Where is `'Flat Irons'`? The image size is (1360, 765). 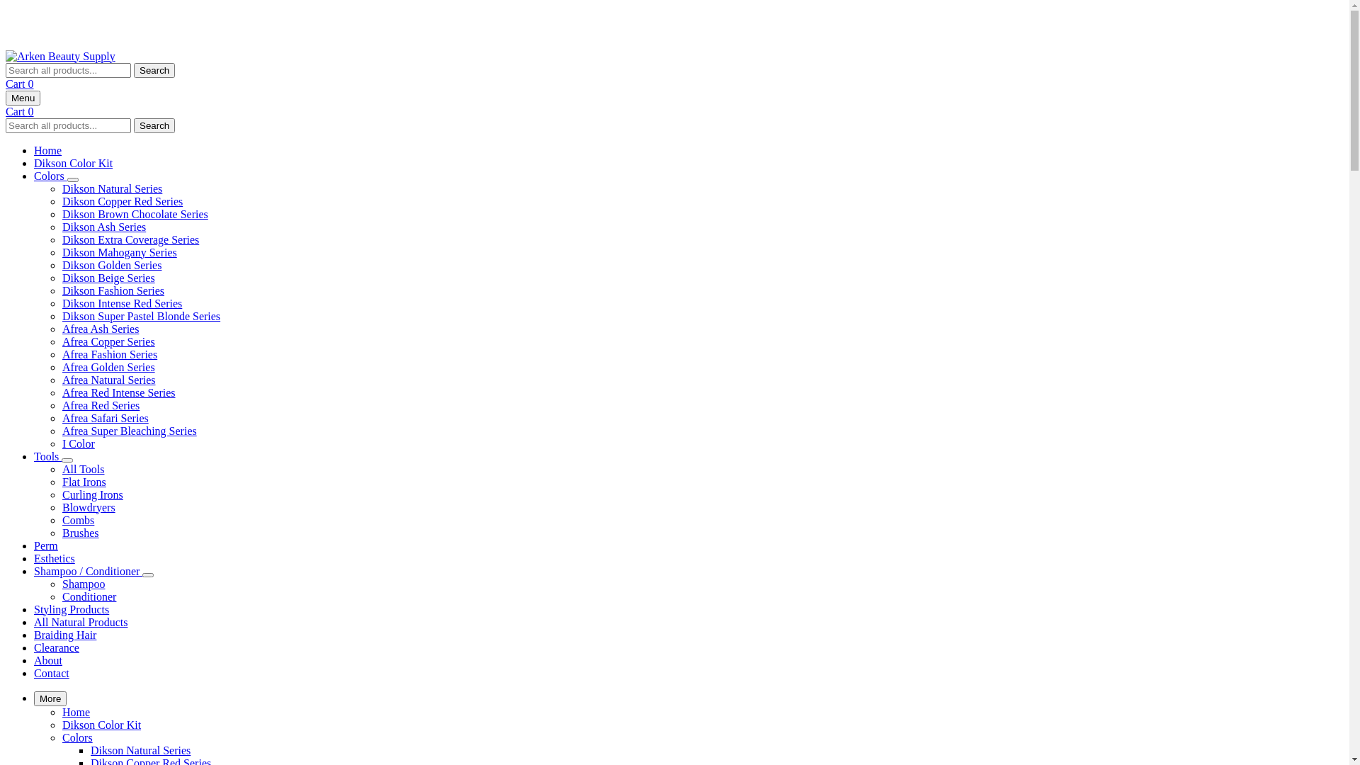 'Flat Irons' is located at coordinates (61, 481).